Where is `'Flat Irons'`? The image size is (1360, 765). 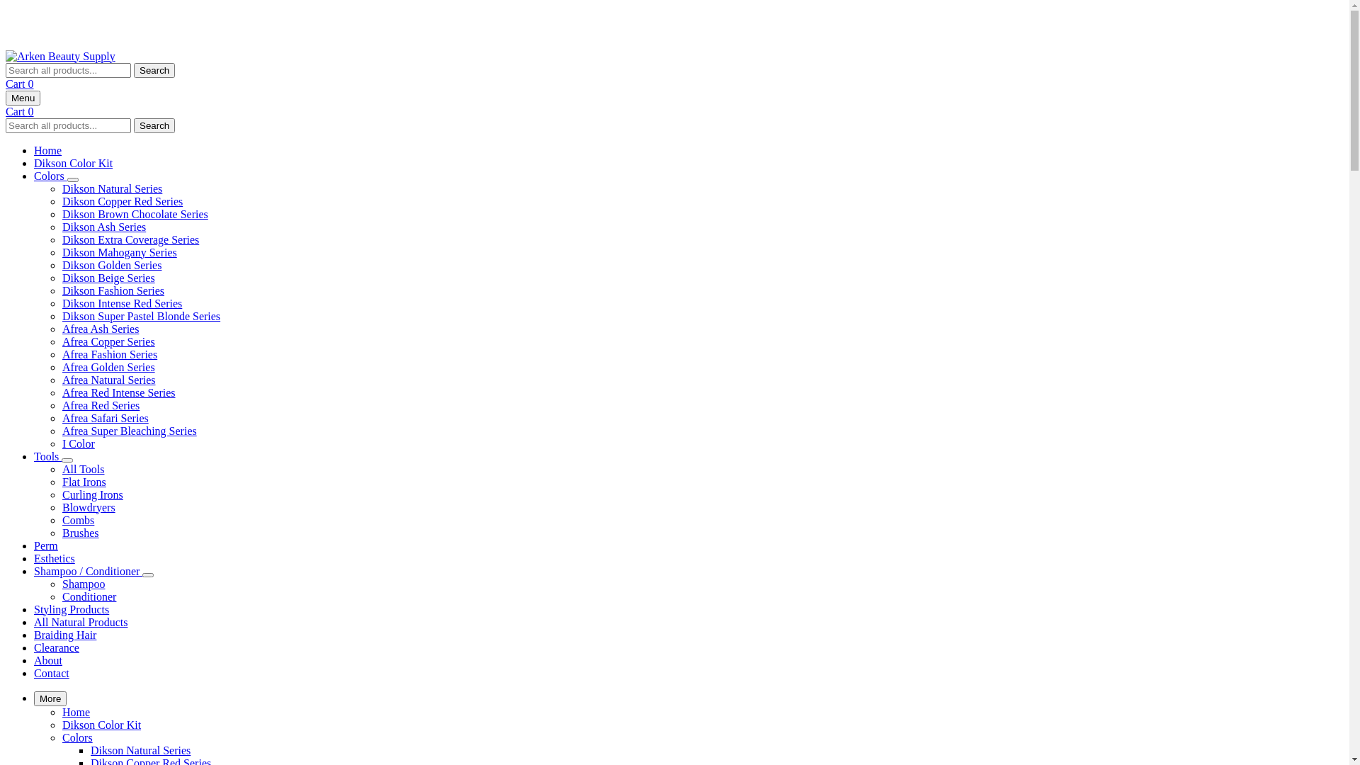 'Flat Irons' is located at coordinates (61, 481).